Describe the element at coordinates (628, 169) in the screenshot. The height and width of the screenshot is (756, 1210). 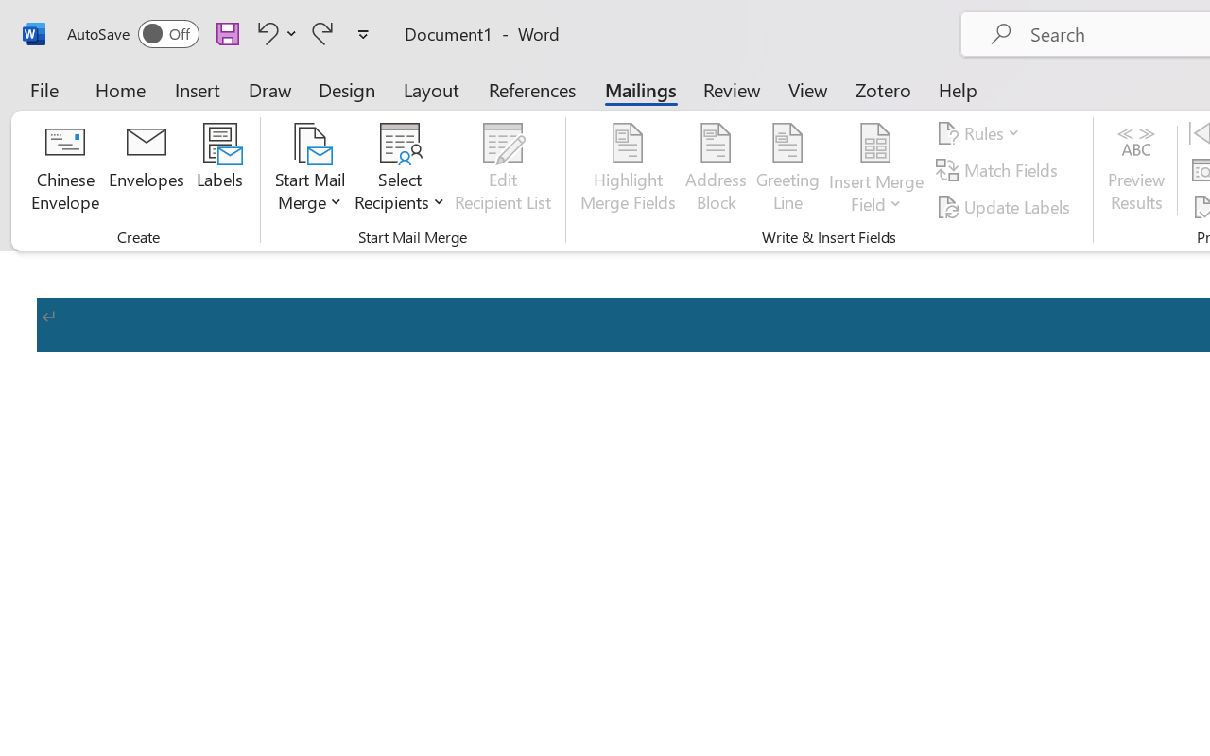
I see `'Highlight Merge Fields'` at that location.